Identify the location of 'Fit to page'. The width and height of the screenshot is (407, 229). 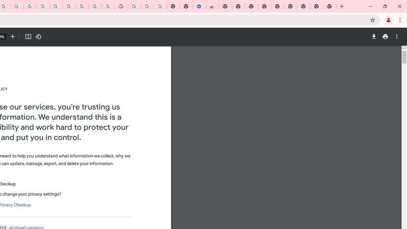
(28, 37).